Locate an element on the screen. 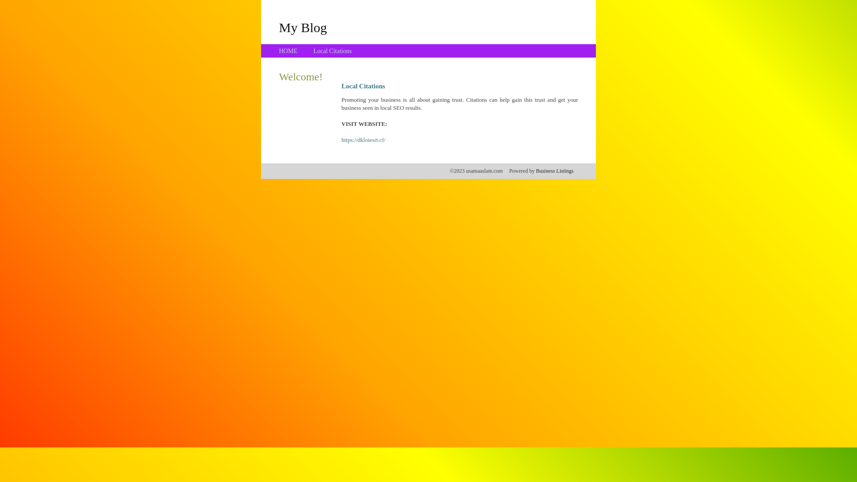  'Business Listings' is located at coordinates (554, 170).